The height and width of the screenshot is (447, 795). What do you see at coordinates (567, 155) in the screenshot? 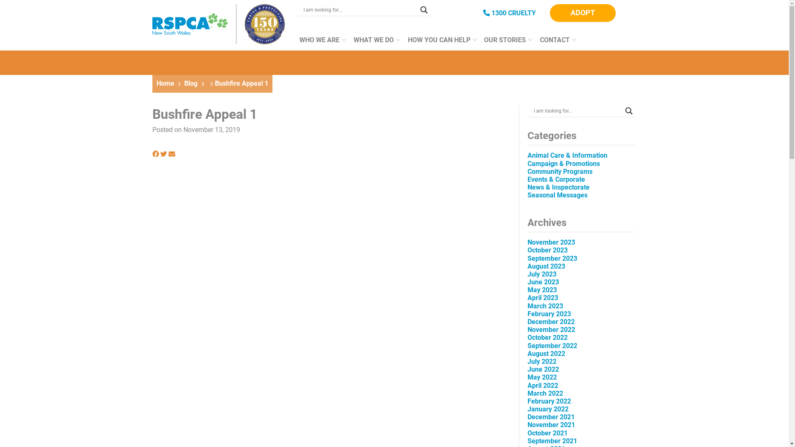
I see `'Animal Care & Information'` at bounding box center [567, 155].